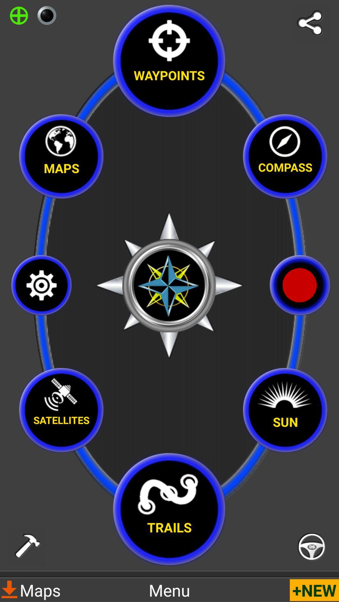  What do you see at coordinates (27, 547) in the screenshot?
I see `the build icon` at bounding box center [27, 547].